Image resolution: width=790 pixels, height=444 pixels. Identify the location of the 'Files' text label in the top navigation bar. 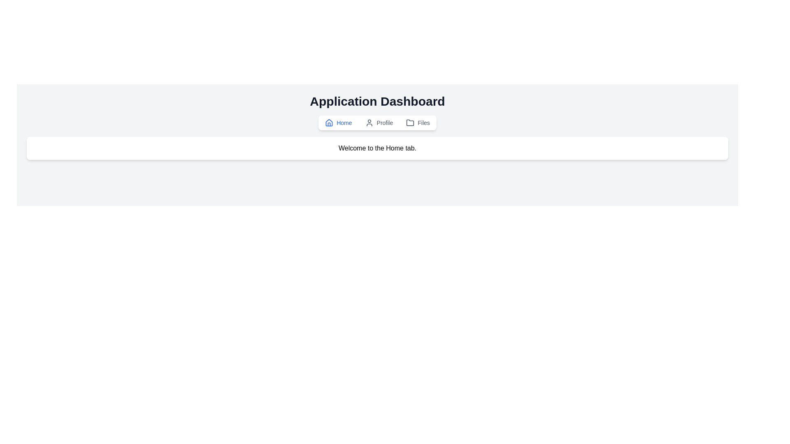
(424, 123).